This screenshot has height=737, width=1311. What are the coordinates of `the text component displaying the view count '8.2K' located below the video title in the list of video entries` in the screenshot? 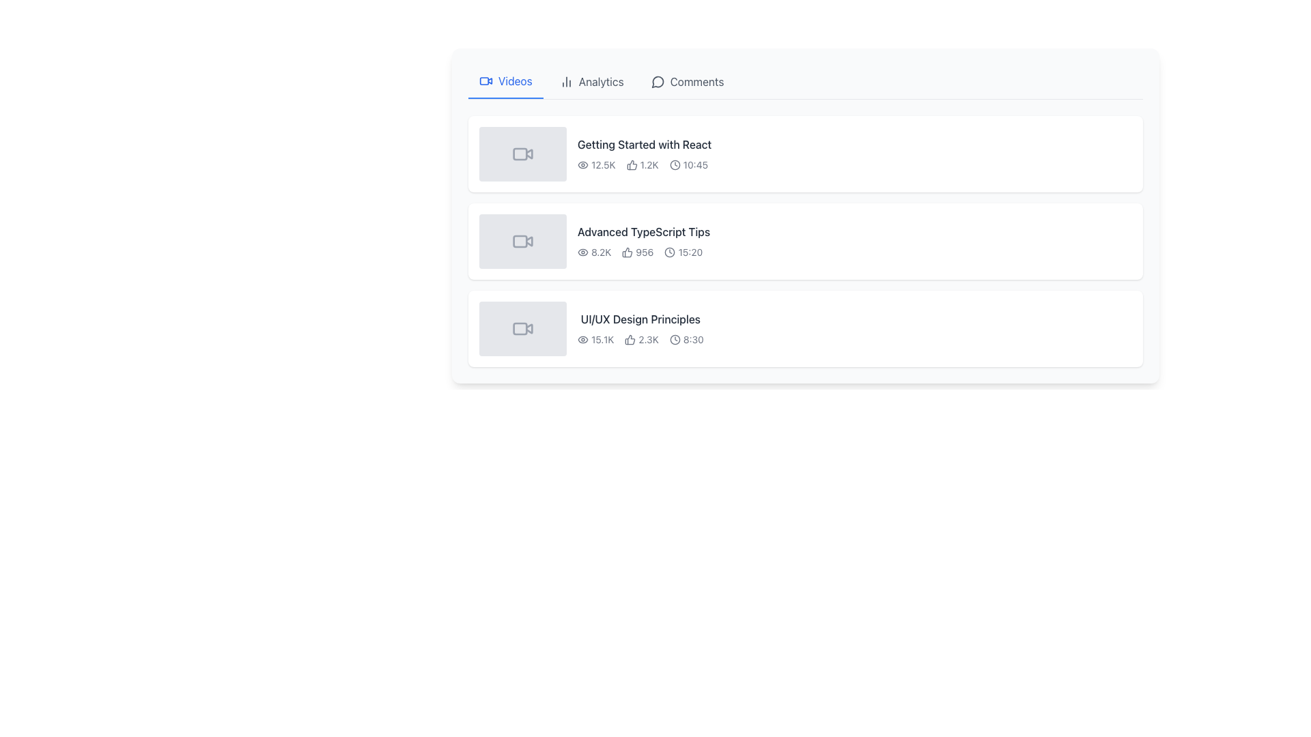 It's located at (594, 252).